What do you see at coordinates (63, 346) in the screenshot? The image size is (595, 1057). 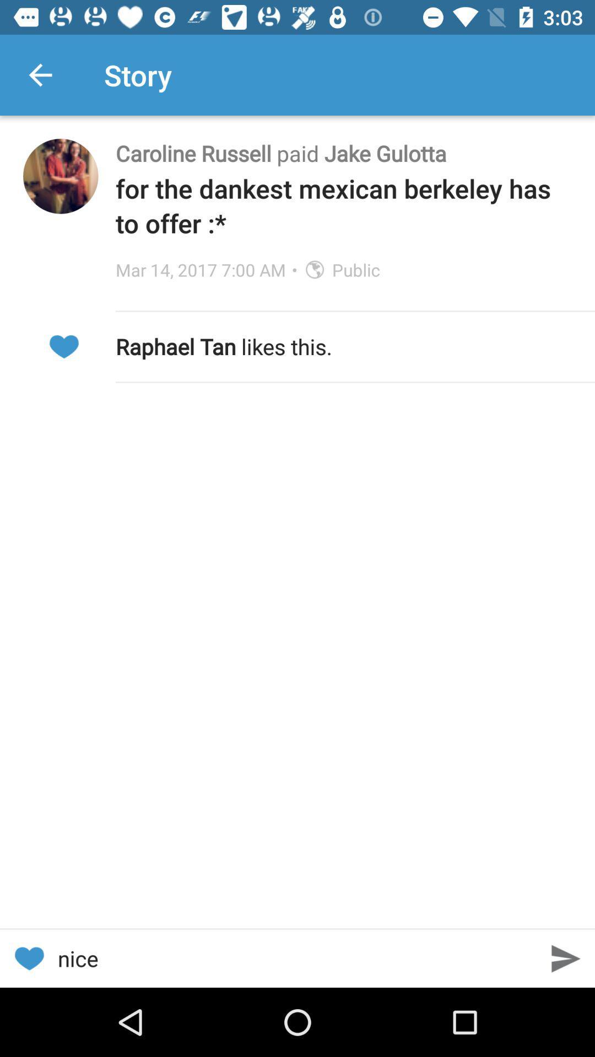 I see `heart the transaction` at bounding box center [63, 346].